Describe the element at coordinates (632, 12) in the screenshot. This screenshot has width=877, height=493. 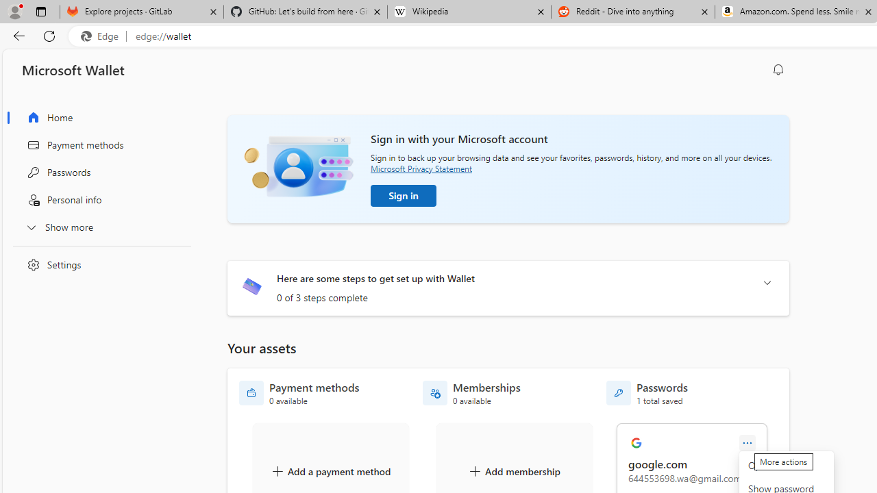
I see `'Reddit - Dive into anything'` at that location.